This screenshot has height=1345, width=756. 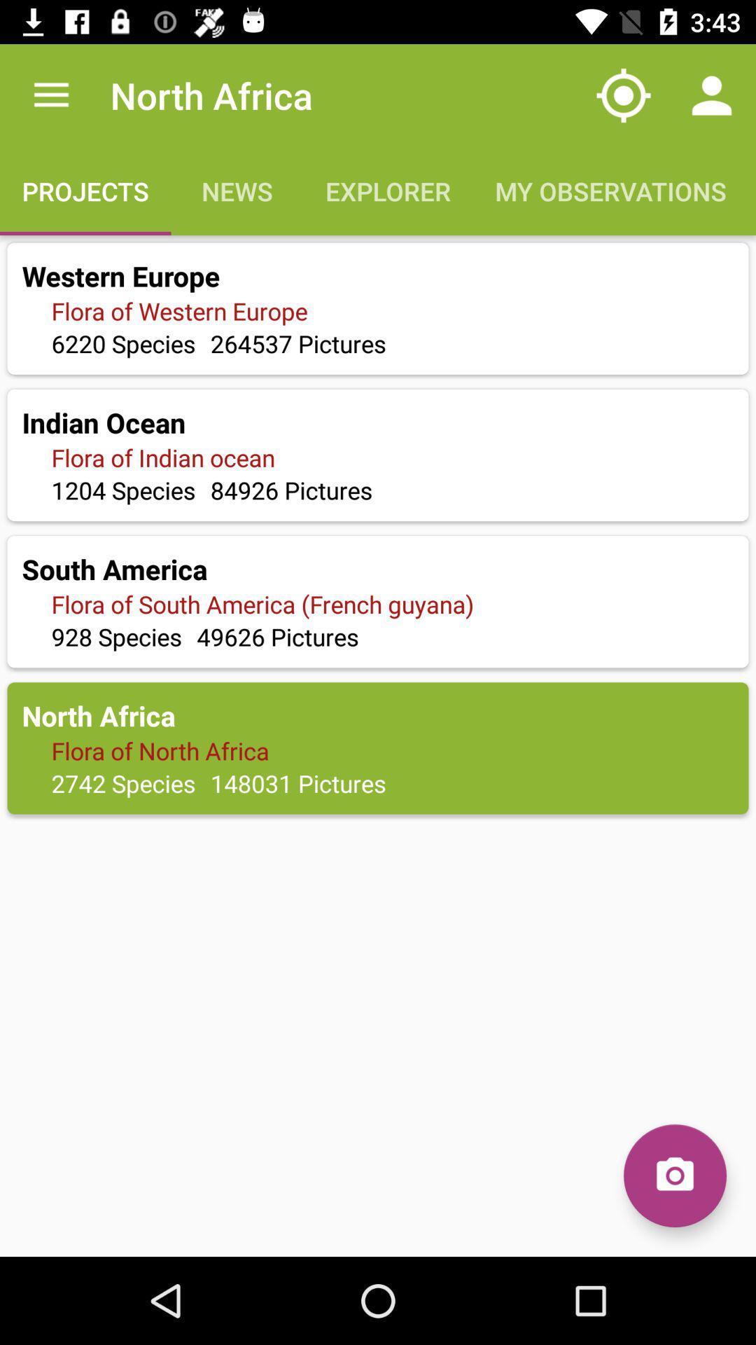 I want to click on the item above the my observations item, so click(x=623, y=95).